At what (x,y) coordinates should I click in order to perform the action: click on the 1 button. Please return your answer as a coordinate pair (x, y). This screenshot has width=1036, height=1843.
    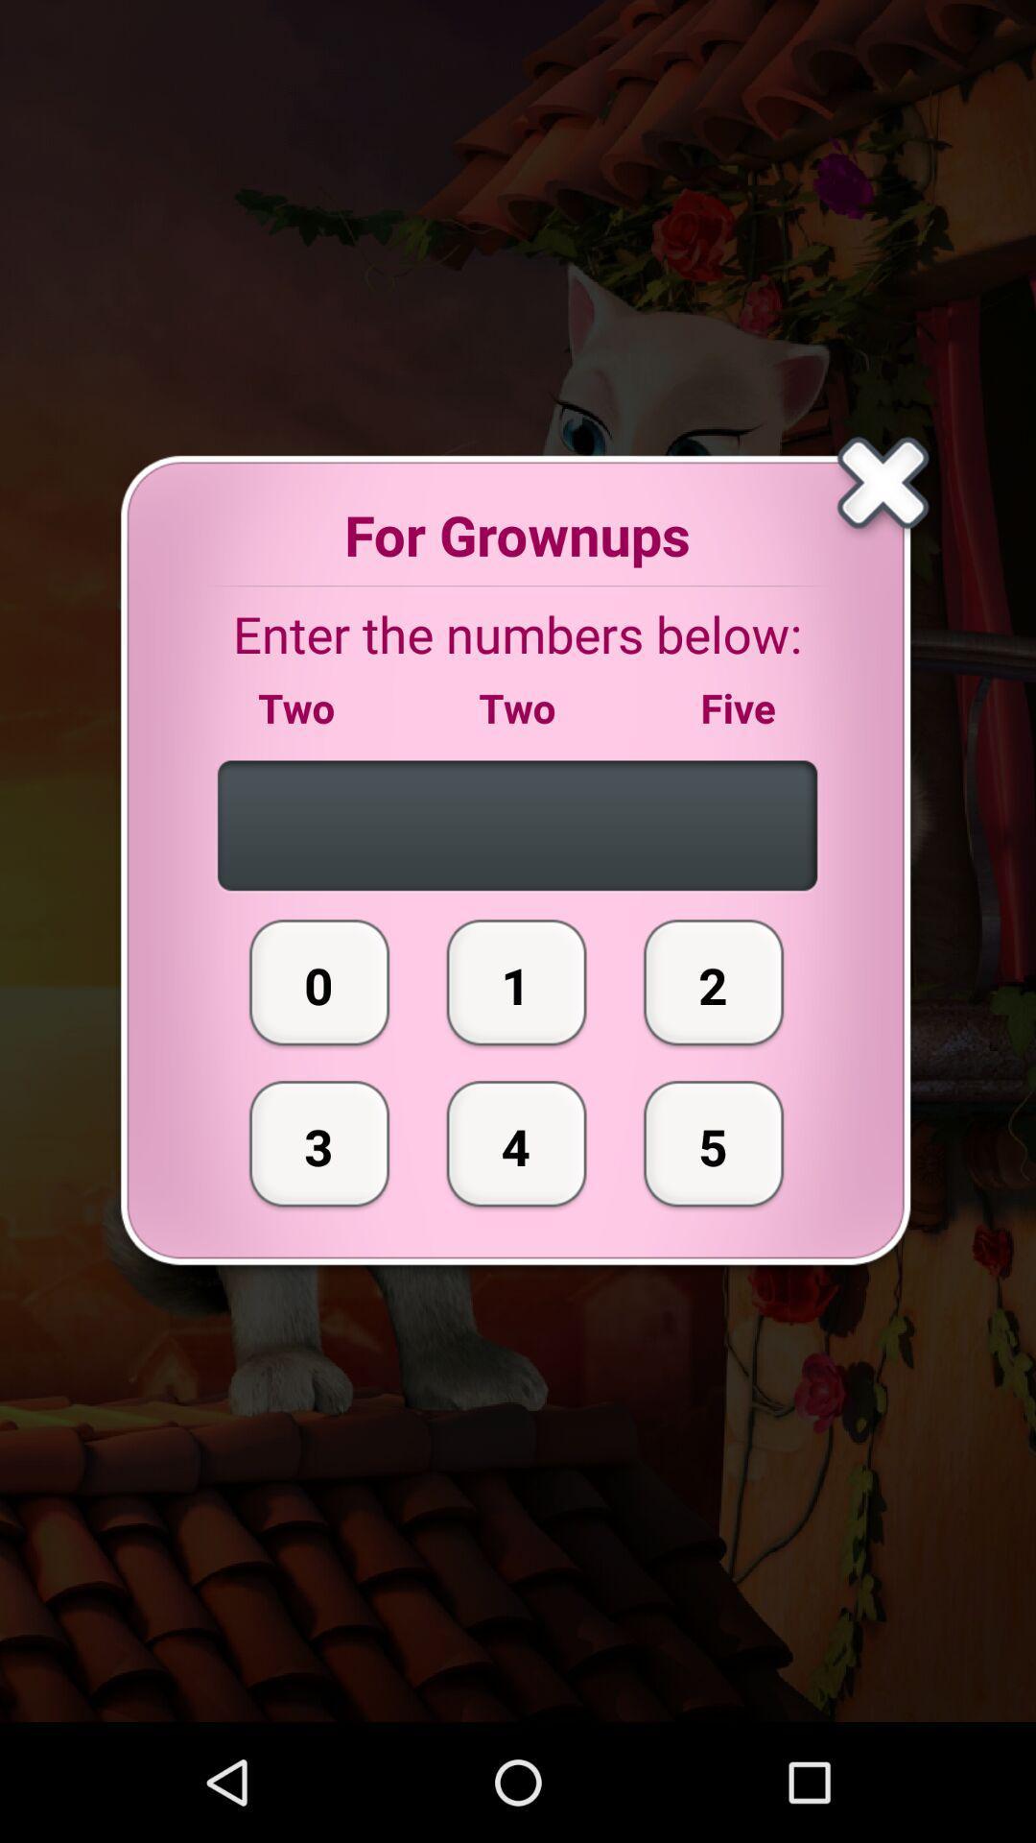
    Looking at the image, I should click on (516, 982).